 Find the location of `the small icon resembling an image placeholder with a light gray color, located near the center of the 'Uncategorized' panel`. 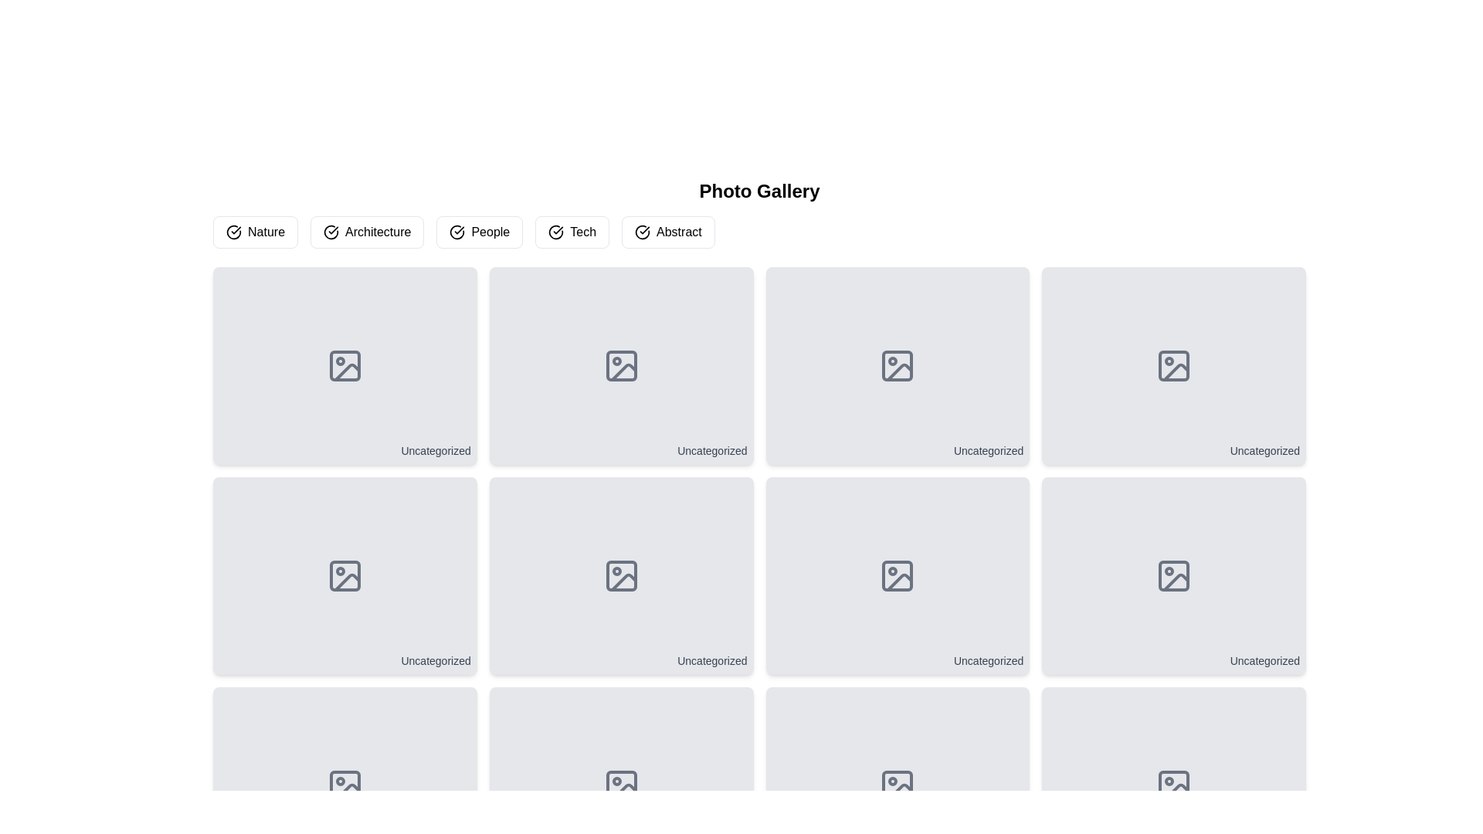

the small icon resembling an image placeholder with a light gray color, located near the center of the 'Uncategorized' panel is located at coordinates (344, 366).